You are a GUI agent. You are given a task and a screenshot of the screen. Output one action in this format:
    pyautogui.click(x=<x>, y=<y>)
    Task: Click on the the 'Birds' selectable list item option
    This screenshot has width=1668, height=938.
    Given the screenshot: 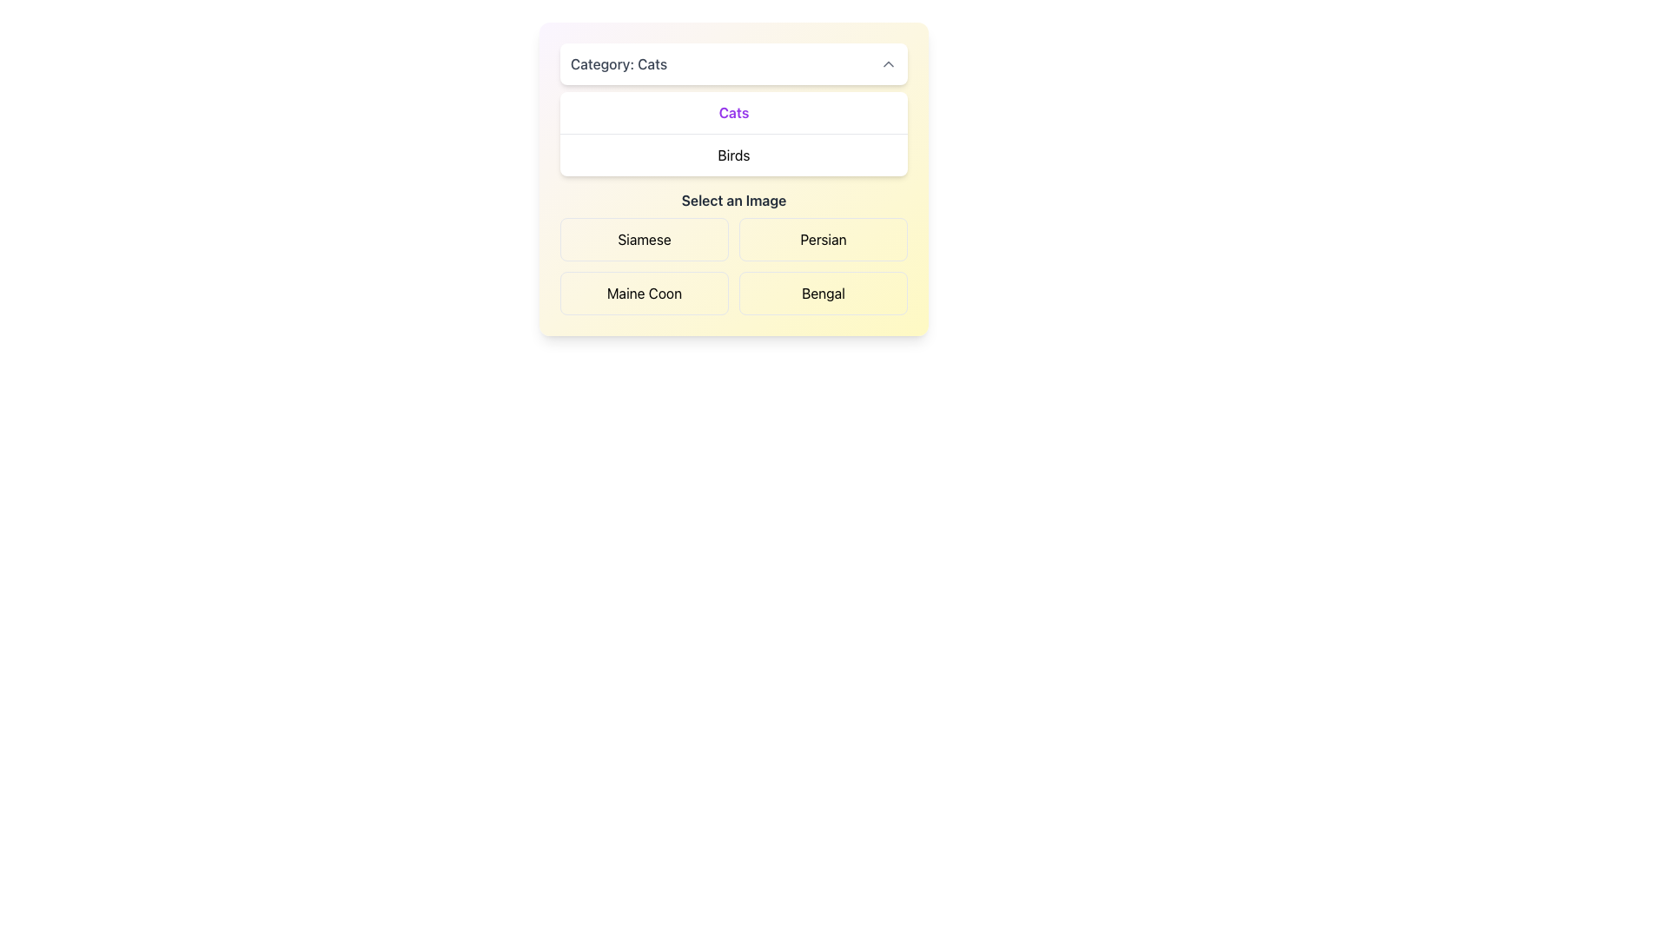 What is the action you would take?
    pyautogui.click(x=733, y=153)
    